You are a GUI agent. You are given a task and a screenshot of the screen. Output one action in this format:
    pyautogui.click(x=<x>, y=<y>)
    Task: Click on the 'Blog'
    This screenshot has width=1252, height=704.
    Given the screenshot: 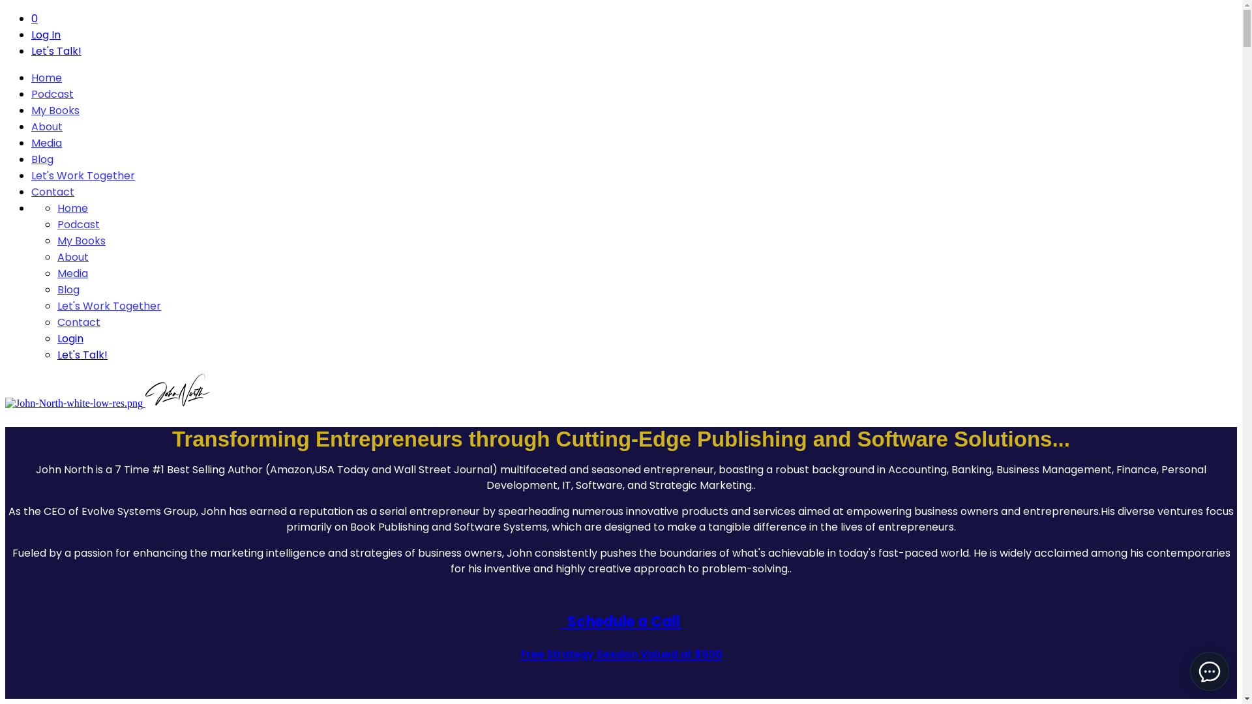 What is the action you would take?
    pyautogui.click(x=56, y=289)
    